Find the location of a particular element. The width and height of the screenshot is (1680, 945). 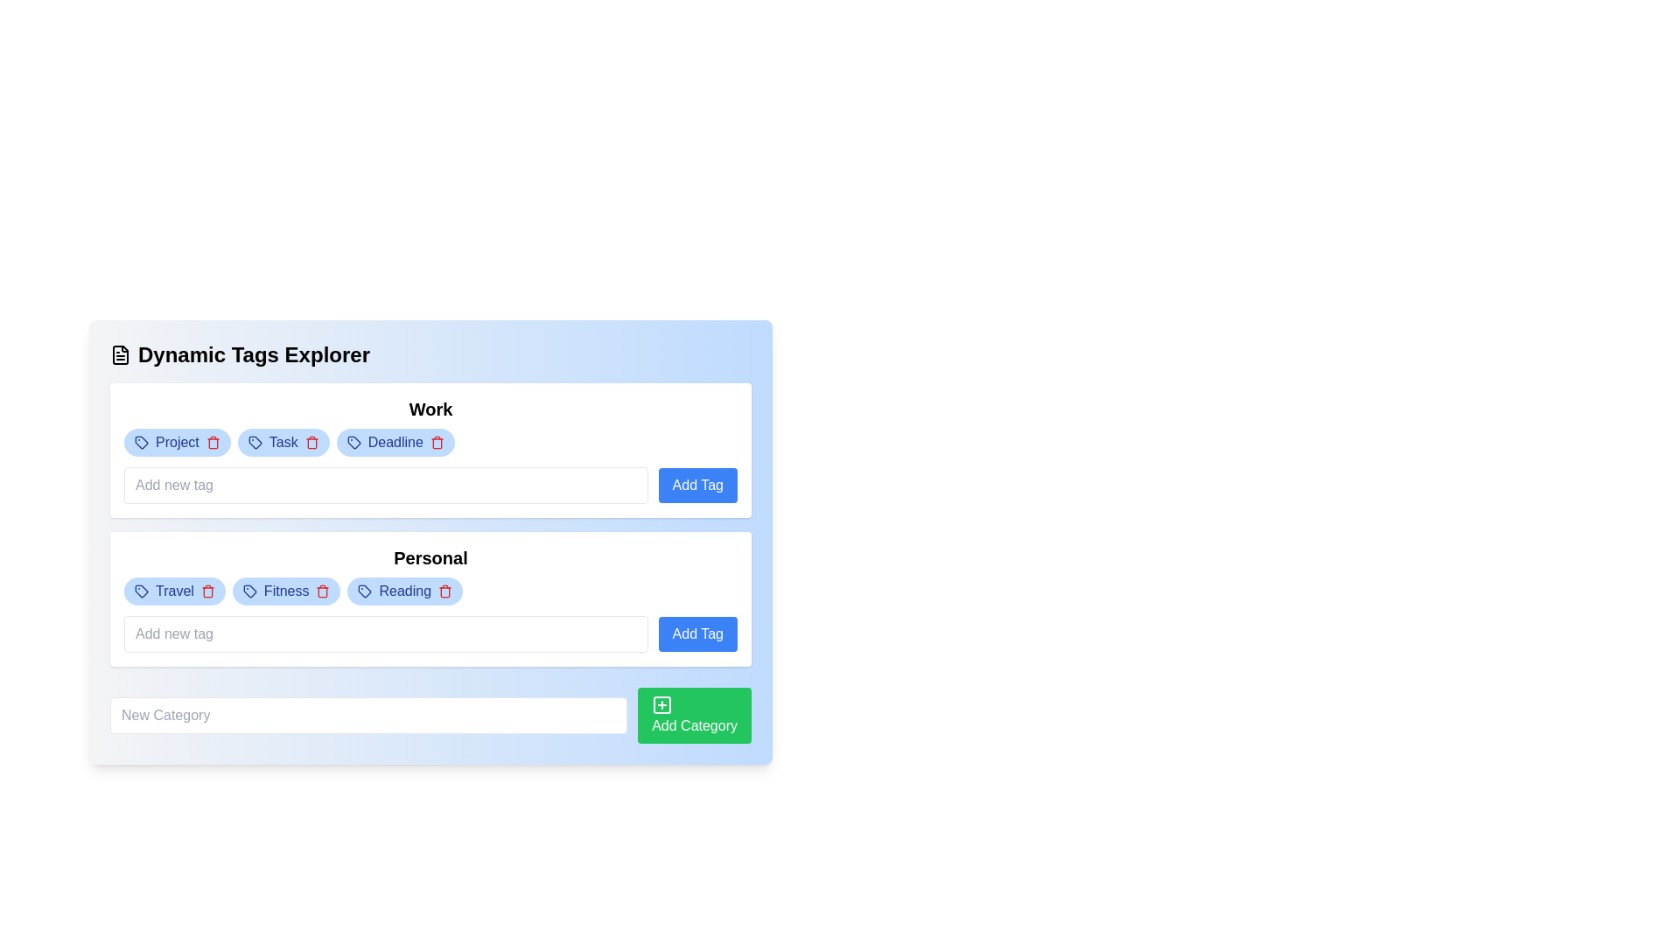

the delete icon button for the 'Travel' tag in the 'Personal' category is located at coordinates (207, 591).